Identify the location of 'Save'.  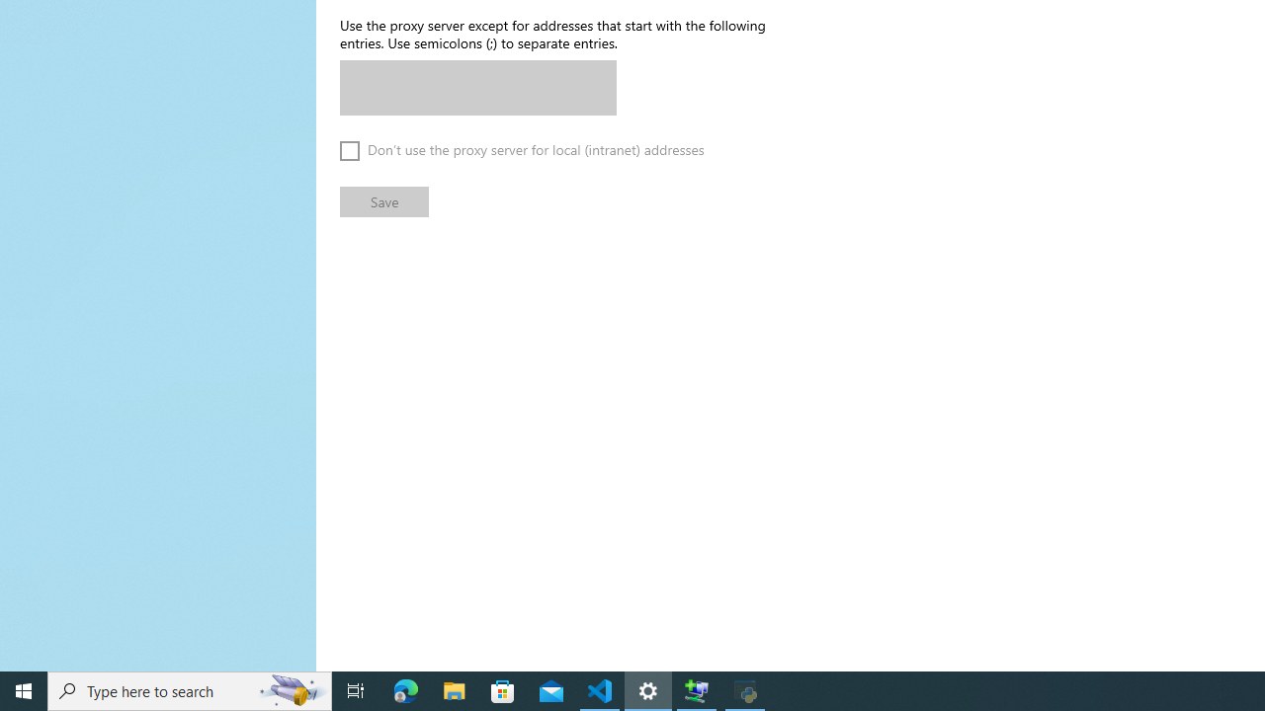
(384, 201).